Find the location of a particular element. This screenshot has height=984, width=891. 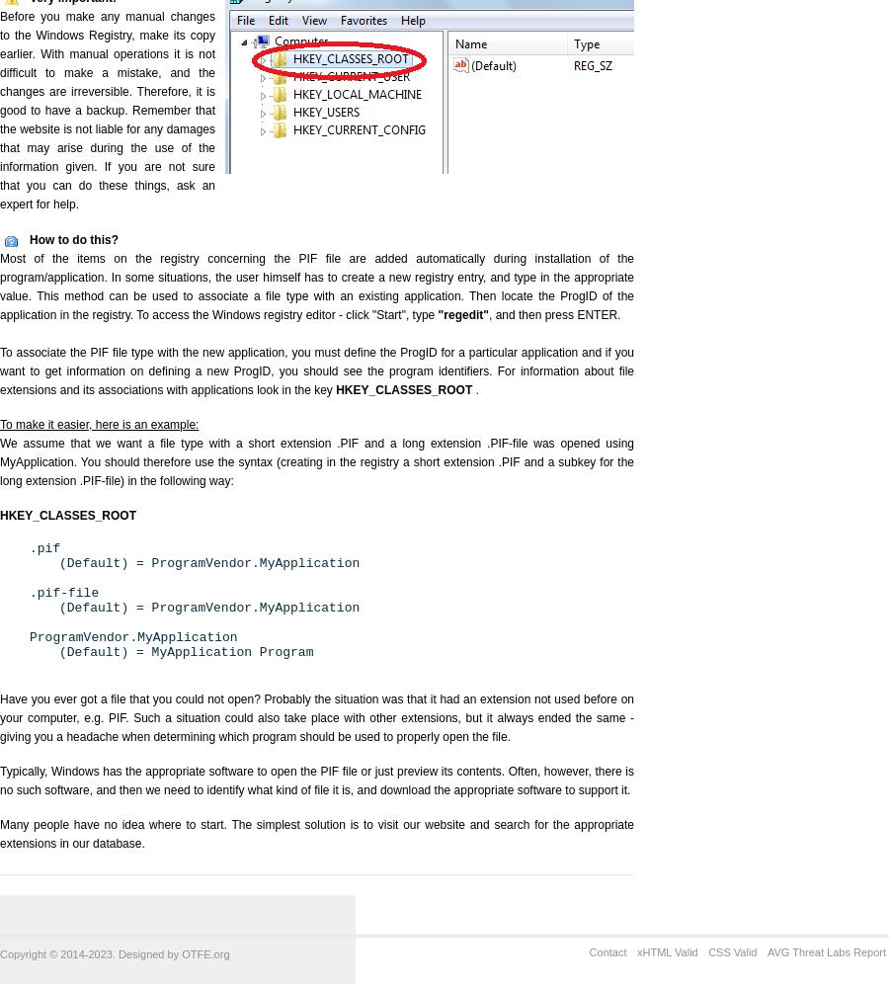

', and then press ENTER.' is located at coordinates (487, 314).